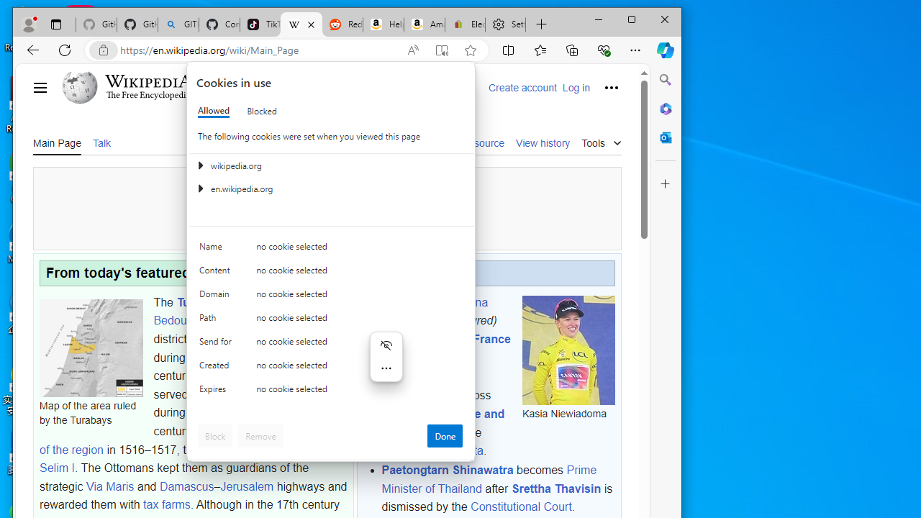 The width and height of the screenshot is (921, 518). What do you see at coordinates (260, 435) in the screenshot?
I see `'Remove'` at bounding box center [260, 435].